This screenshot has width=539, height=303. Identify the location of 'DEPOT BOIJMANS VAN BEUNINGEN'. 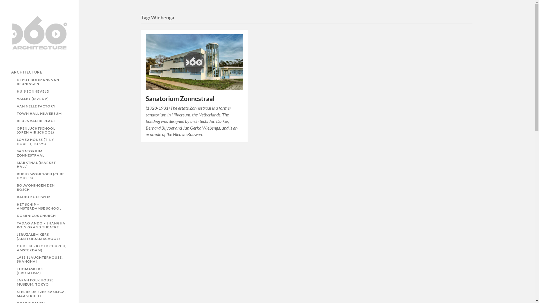
(38, 82).